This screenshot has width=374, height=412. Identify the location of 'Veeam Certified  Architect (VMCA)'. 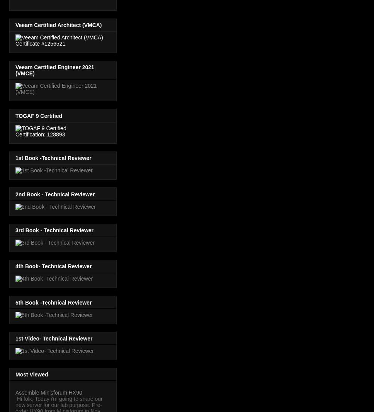
(58, 24).